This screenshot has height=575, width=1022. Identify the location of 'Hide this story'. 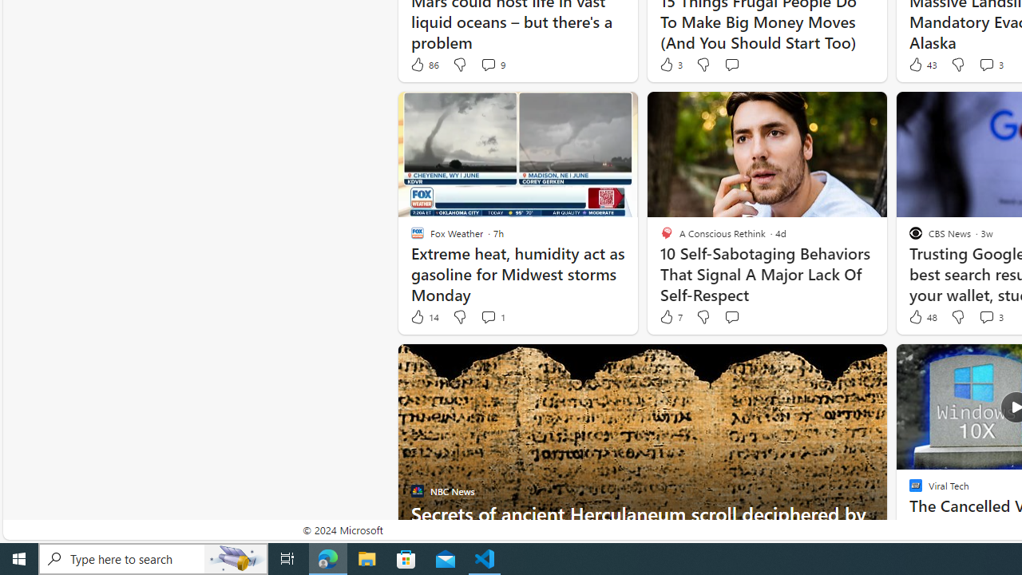
(838, 363).